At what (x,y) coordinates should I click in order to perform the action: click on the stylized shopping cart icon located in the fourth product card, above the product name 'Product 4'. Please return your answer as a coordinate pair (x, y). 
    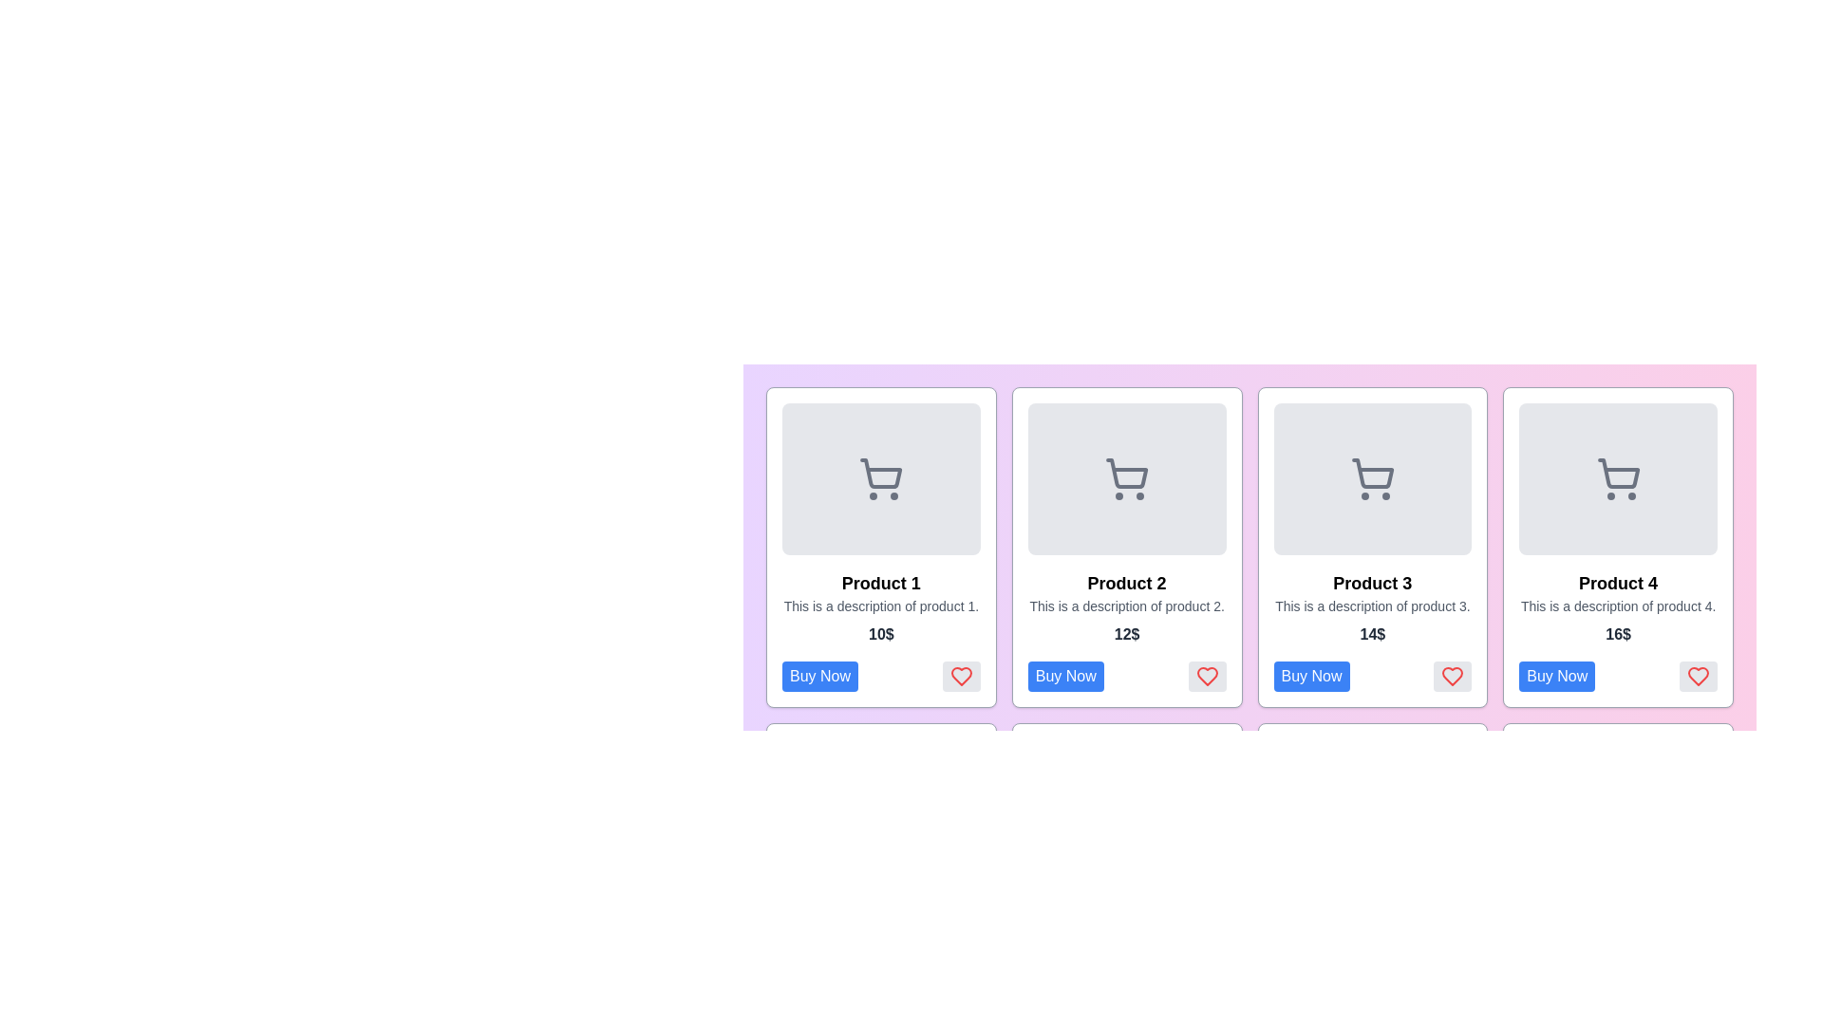
    Looking at the image, I should click on (1617, 473).